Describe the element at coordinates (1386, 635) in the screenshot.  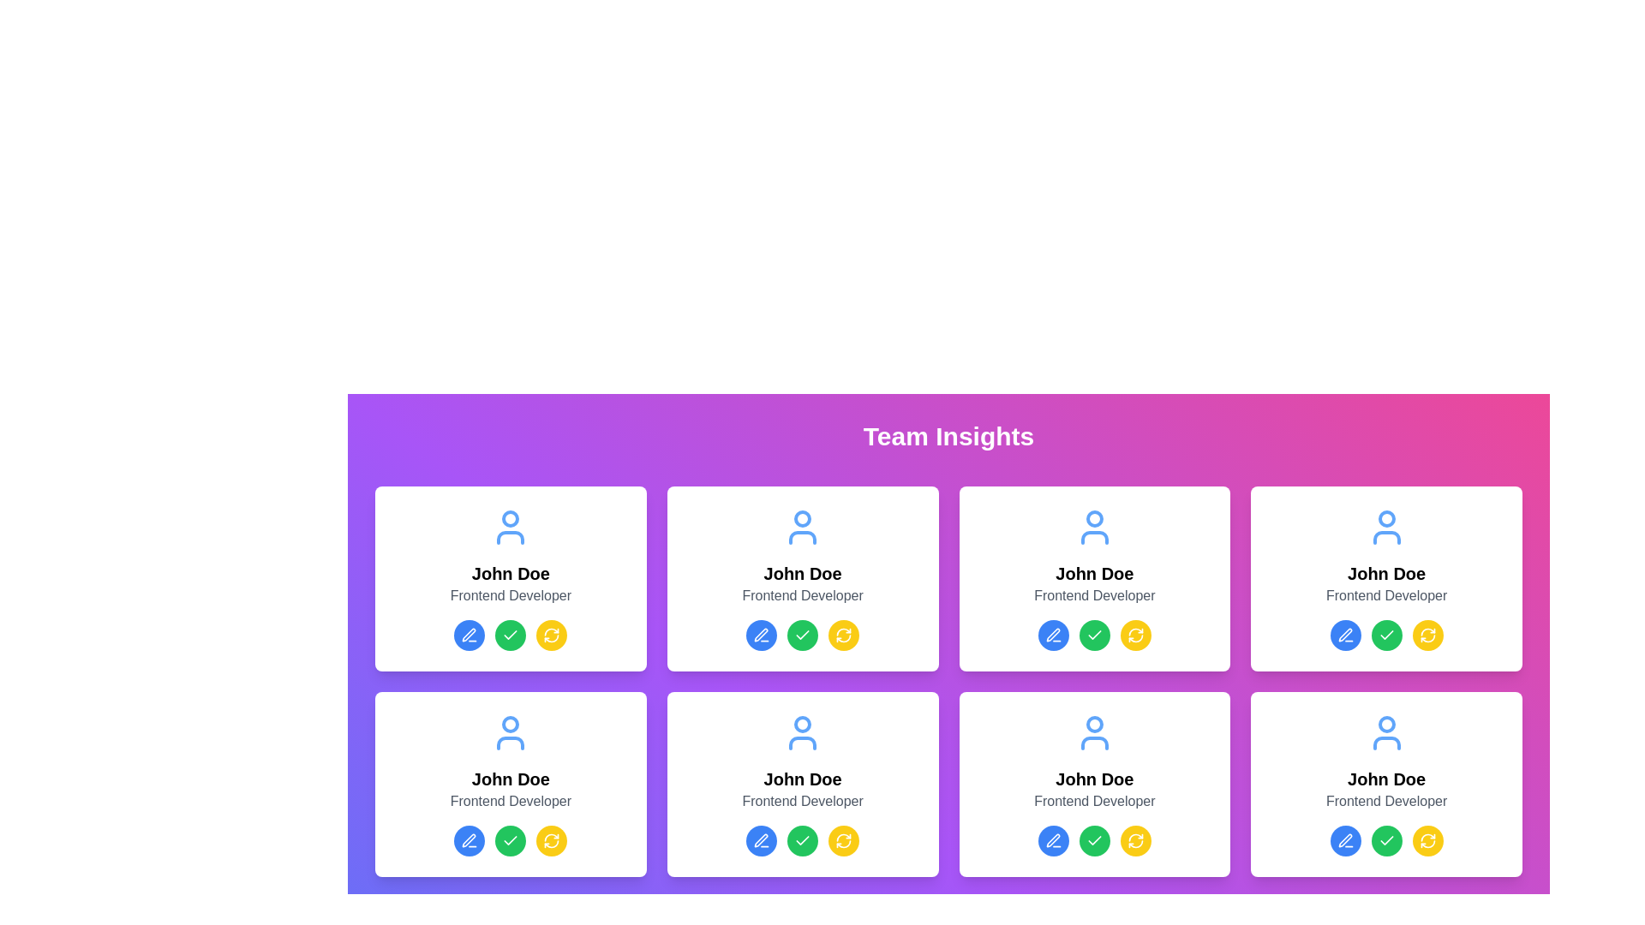
I see `the second button located at the bottom-right corner of the second user card, positioned between a blue pencil icon and a yellow refresh icon` at that location.